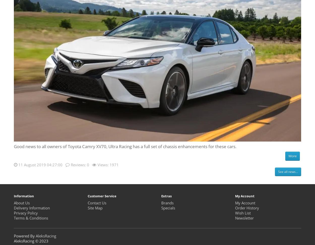  Describe the element at coordinates (235, 217) in the screenshot. I see `'Newsletter'` at that location.